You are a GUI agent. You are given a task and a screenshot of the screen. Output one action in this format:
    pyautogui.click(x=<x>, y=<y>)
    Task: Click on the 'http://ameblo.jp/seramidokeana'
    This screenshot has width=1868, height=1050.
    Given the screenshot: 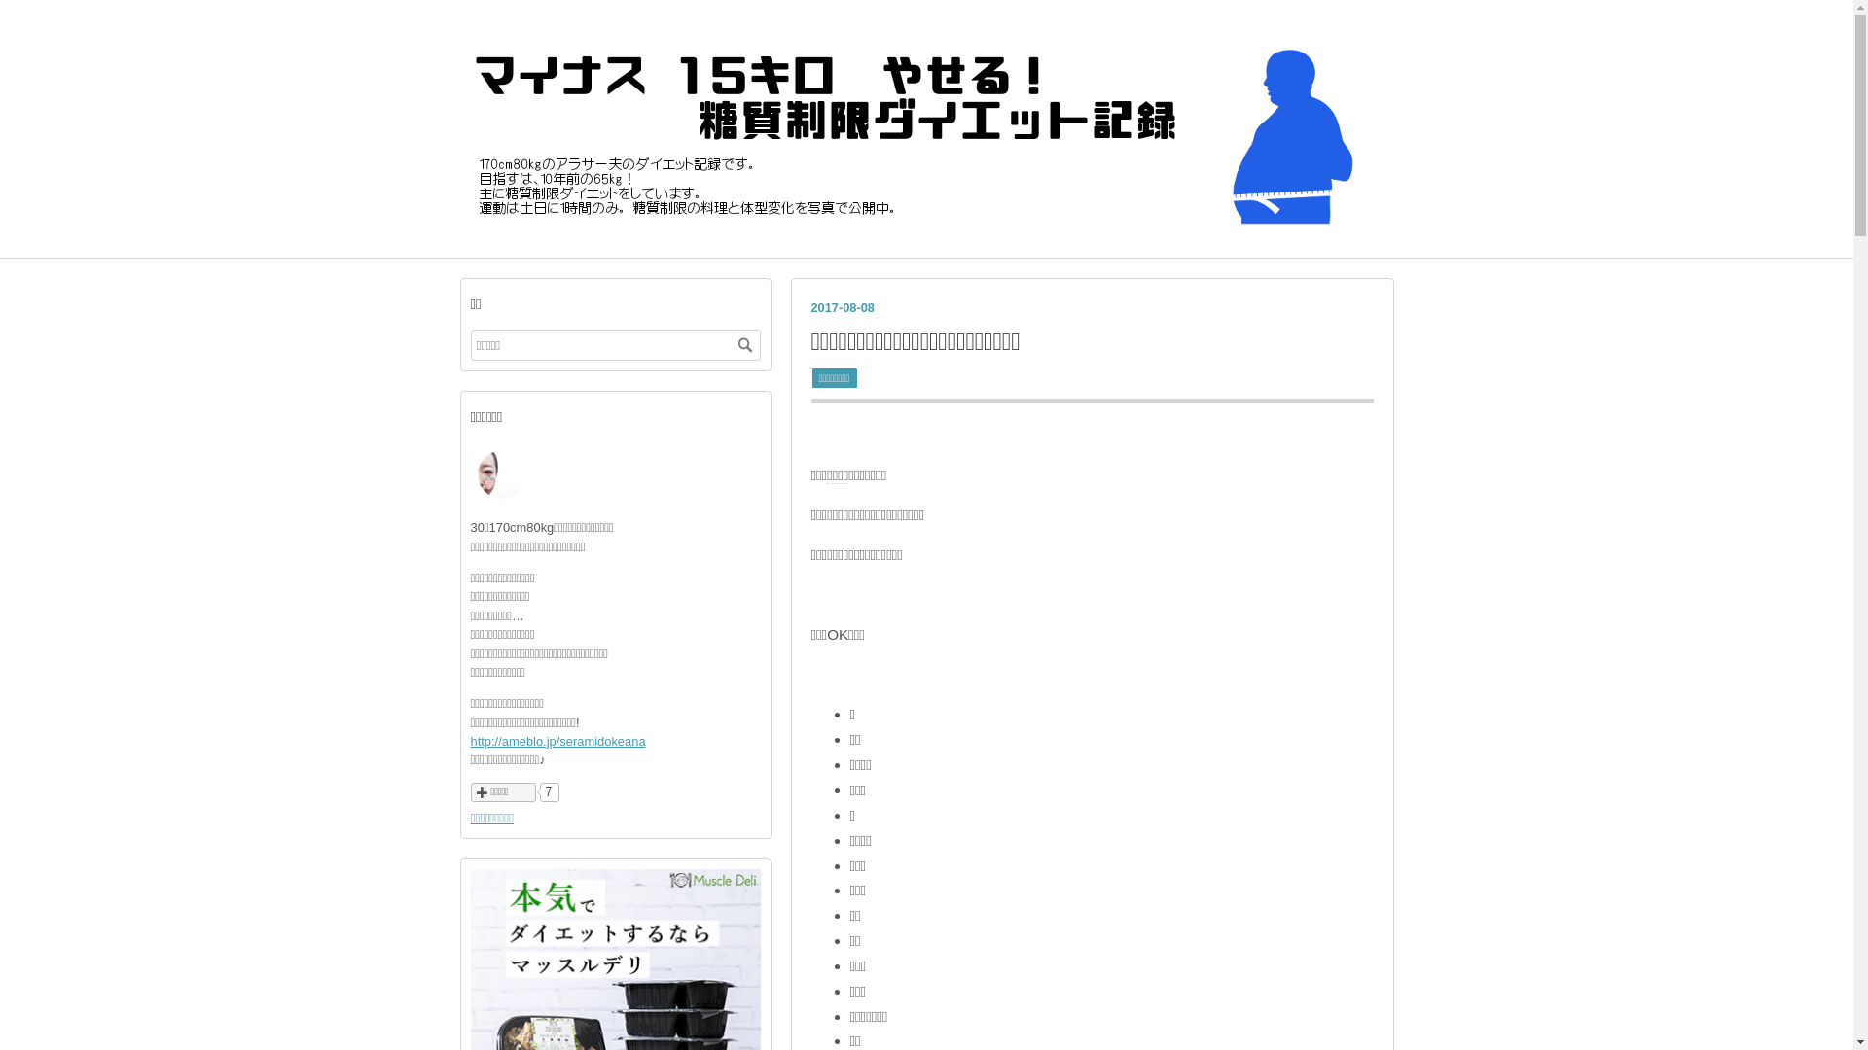 What is the action you would take?
    pyautogui.click(x=557, y=741)
    